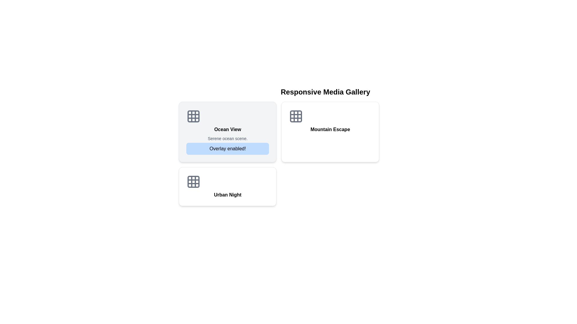  Describe the element at coordinates (193, 181) in the screenshot. I see `the grid icon consisting of nine rectangles that is located in the upper section of the 'Urban Night' card` at that location.